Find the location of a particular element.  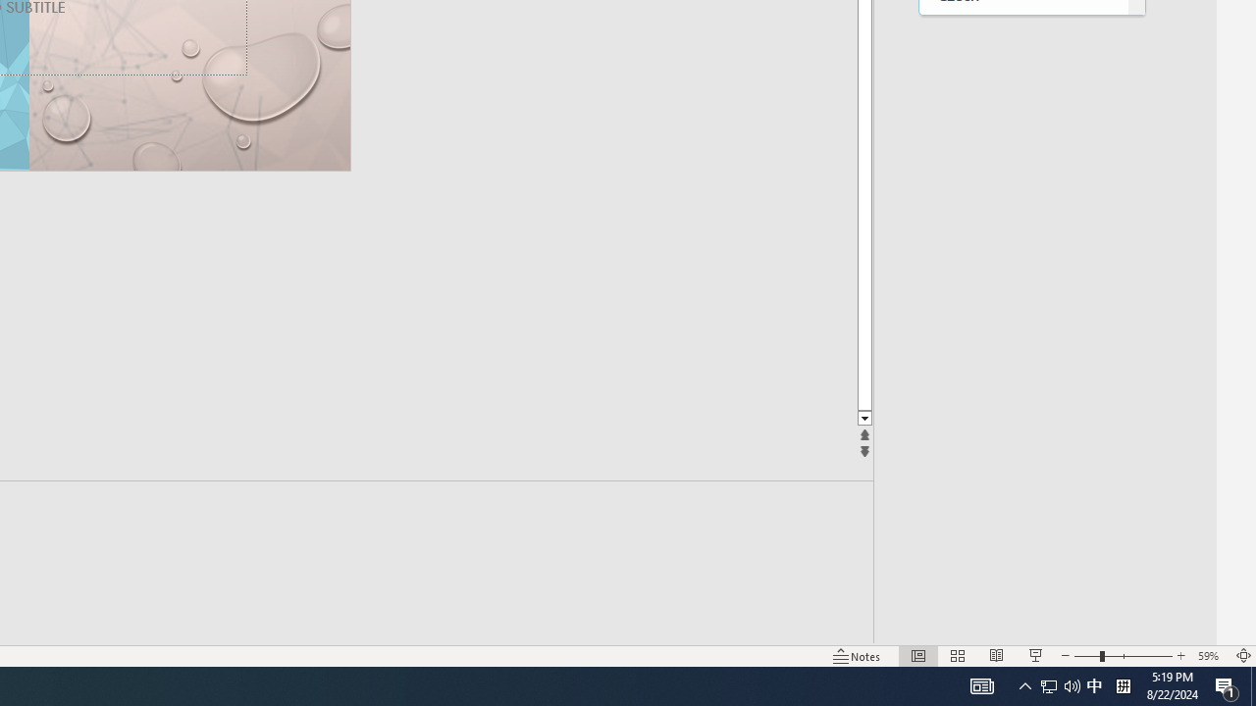

'Dutch' is located at coordinates (1022, 194).